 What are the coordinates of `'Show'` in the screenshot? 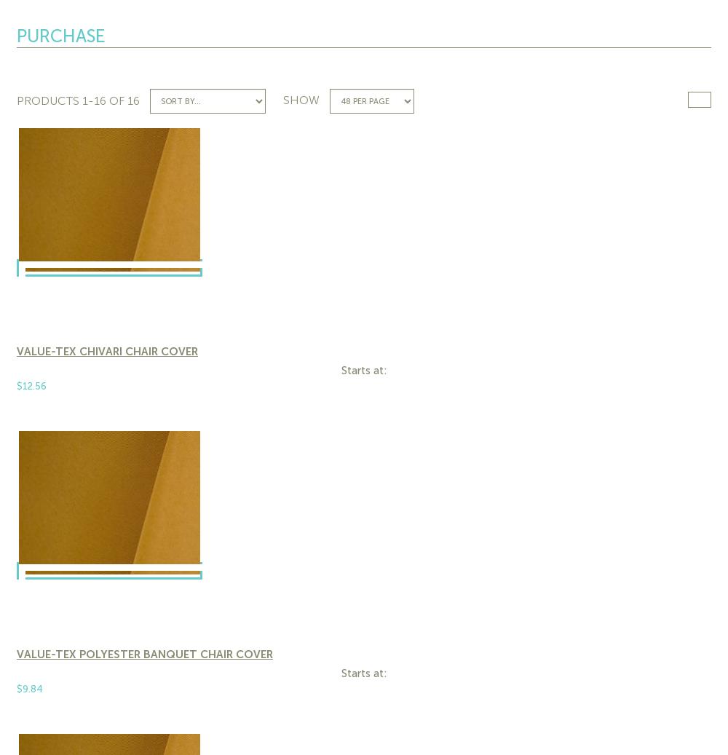 It's located at (301, 99).